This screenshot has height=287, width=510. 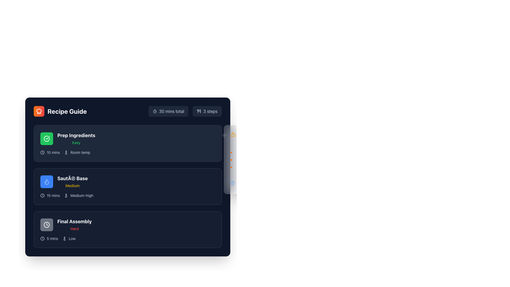 What do you see at coordinates (39, 111) in the screenshot?
I see `the chef's hat icon located in the top-left corner of the interface, adjacent to the 'Recipe Guide' label` at bounding box center [39, 111].